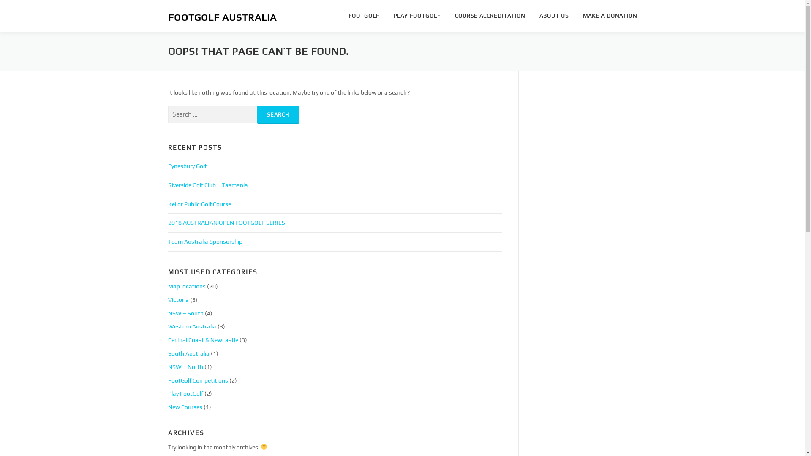 The height and width of the screenshot is (456, 811). What do you see at coordinates (226, 222) in the screenshot?
I see `'2018 AUSTRALIAN OPEN FOOTGOLF SERIES'` at bounding box center [226, 222].